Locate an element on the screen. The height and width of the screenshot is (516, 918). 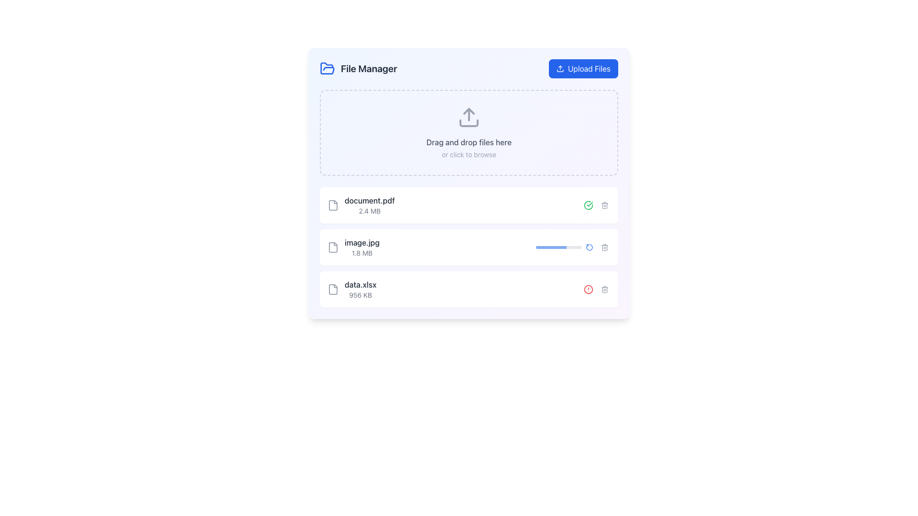
the delete icon button located to the right of the 'data.xlsx' file entry in the file manager list to observe visual feedback is located at coordinates (604, 289).